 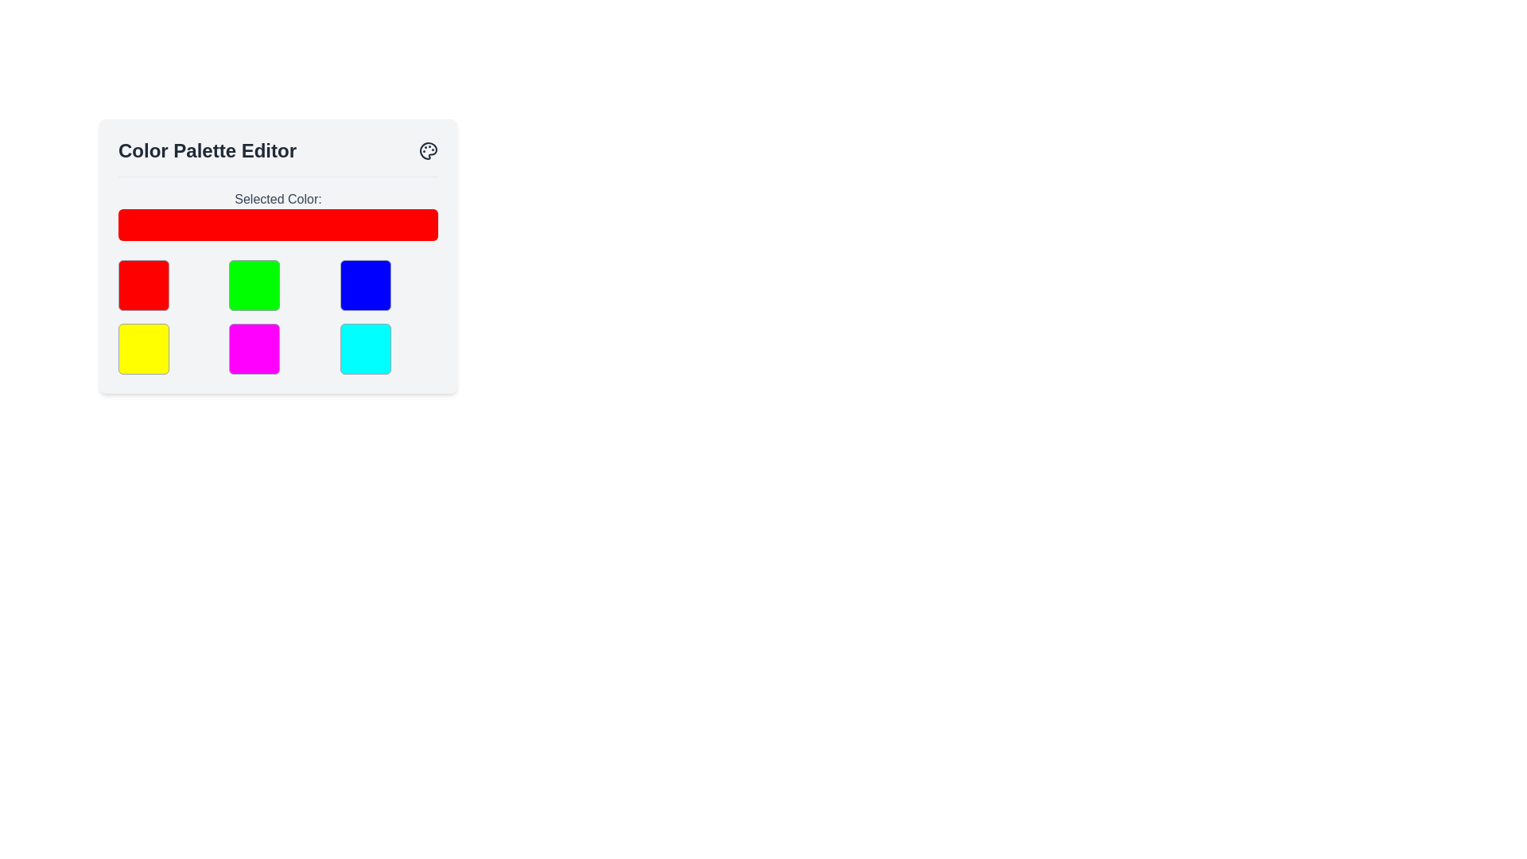 What do you see at coordinates (278, 224) in the screenshot?
I see `the bright red color display box located below the 'Selected Color:' text in the 'Color Palette Editor' panel` at bounding box center [278, 224].